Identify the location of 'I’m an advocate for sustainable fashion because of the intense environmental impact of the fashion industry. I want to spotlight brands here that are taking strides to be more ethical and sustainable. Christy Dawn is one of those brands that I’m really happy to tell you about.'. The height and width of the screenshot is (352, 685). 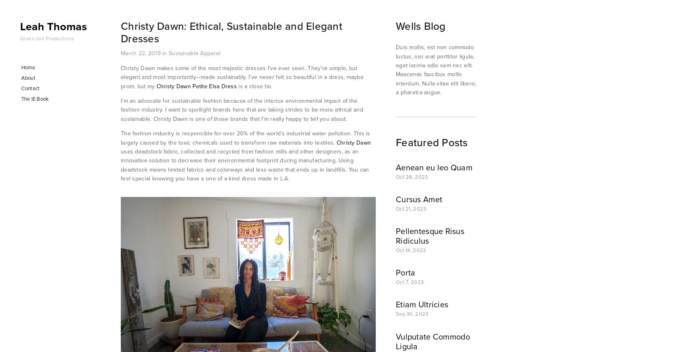
(243, 109).